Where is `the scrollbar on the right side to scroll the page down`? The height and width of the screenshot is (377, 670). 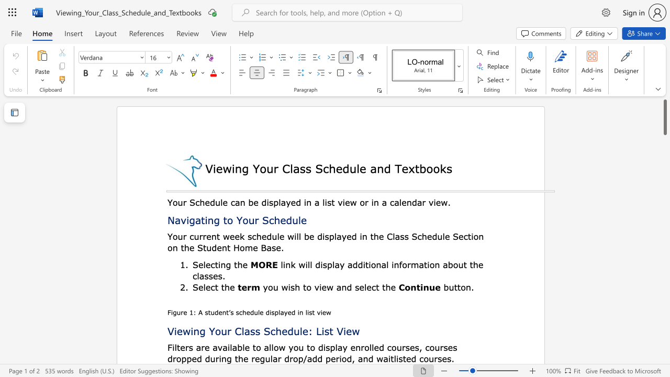 the scrollbar on the right side to scroll the page down is located at coordinates (664, 324).